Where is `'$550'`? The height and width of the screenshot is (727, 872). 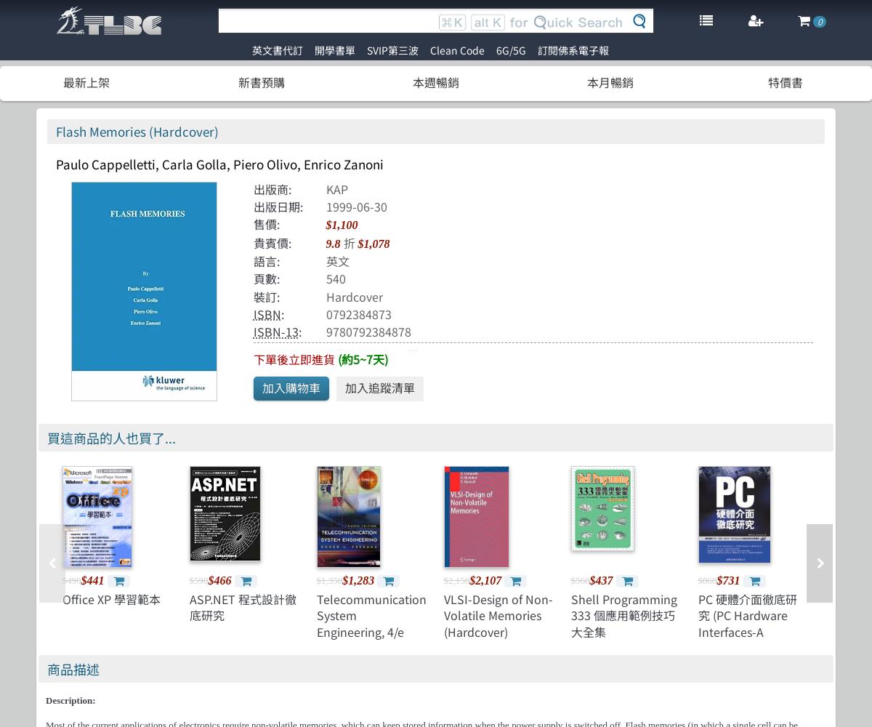 '$550' is located at coordinates (823, 579).